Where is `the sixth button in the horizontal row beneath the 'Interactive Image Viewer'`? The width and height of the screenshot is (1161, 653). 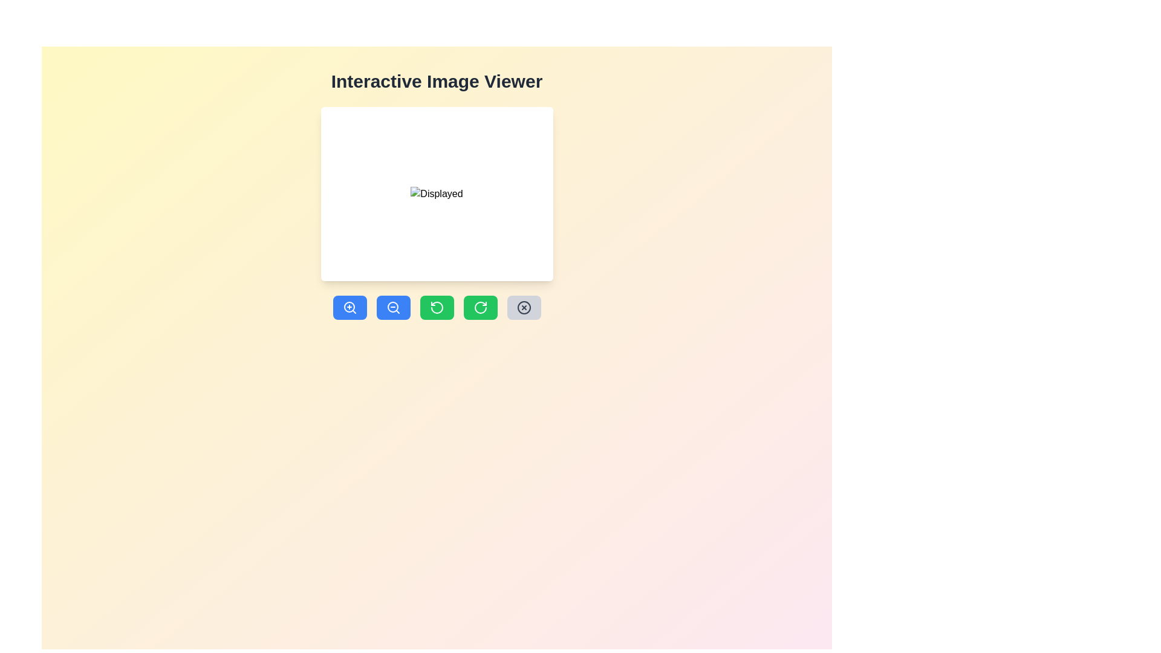 the sixth button in the horizontal row beneath the 'Interactive Image Viewer' is located at coordinates (524, 307).